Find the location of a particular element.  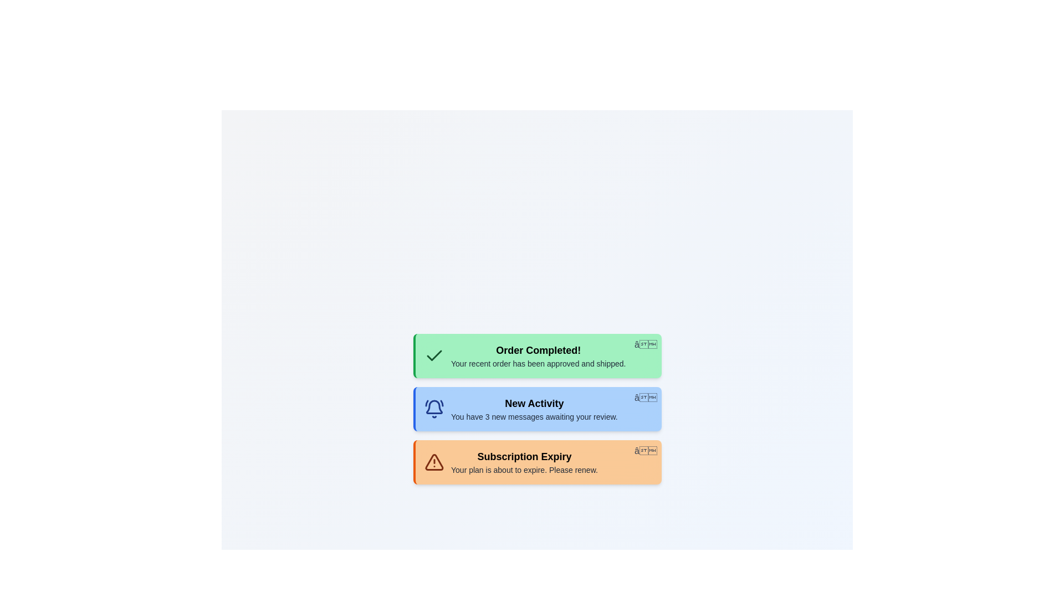

the close button of the alert with ID 102 is located at coordinates (646, 397).